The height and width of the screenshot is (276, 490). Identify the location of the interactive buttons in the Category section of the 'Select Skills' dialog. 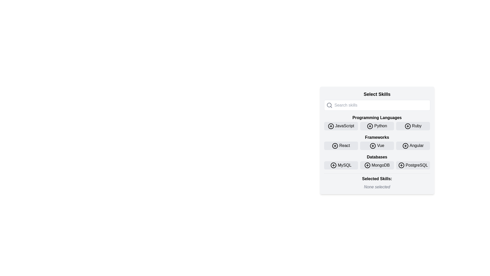
(377, 162).